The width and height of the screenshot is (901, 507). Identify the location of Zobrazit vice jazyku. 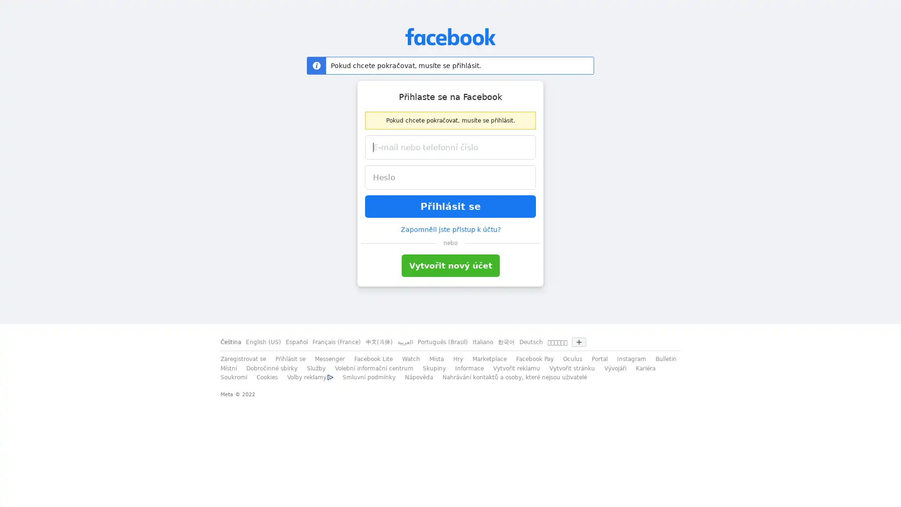
(578, 342).